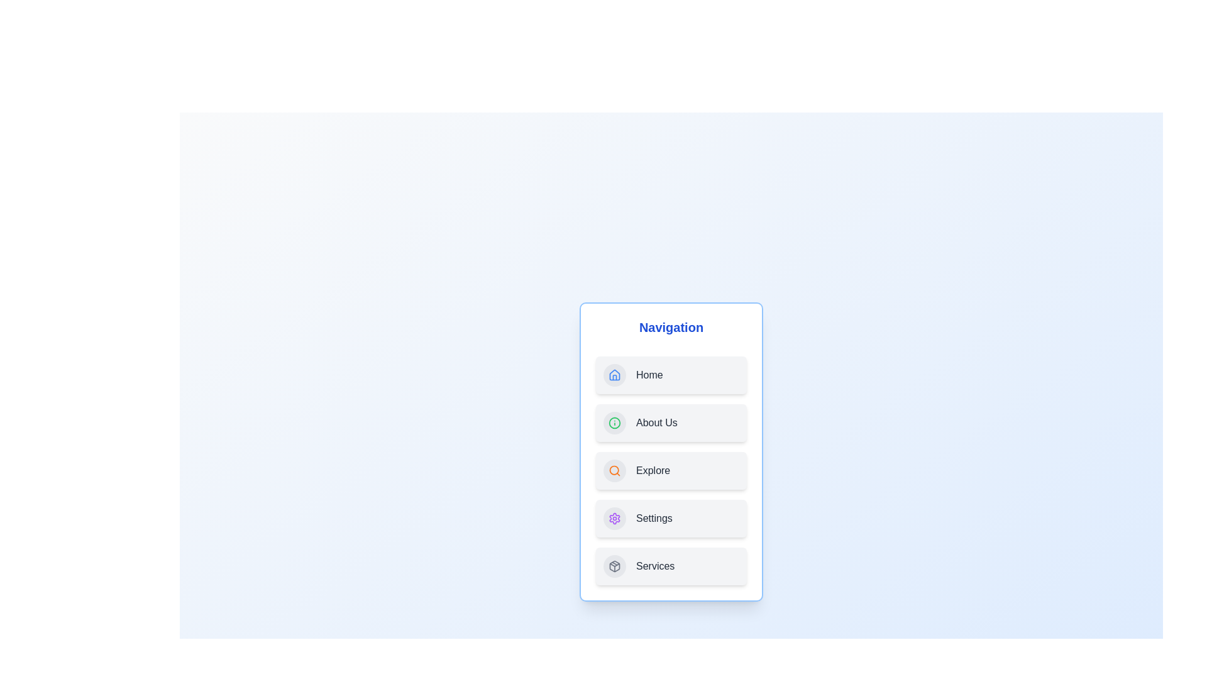  What do you see at coordinates (671, 519) in the screenshot?
I see `the 'Settings' navigation item to navigate to the settings section` at bounding box center [671, 519].